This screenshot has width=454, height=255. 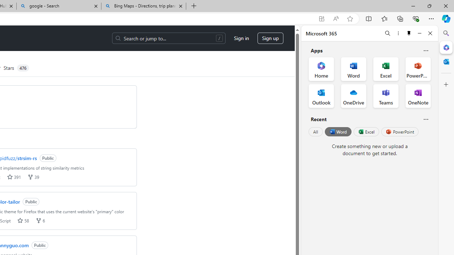 I want to click on 'forks 39', so click(x=33, y=176).